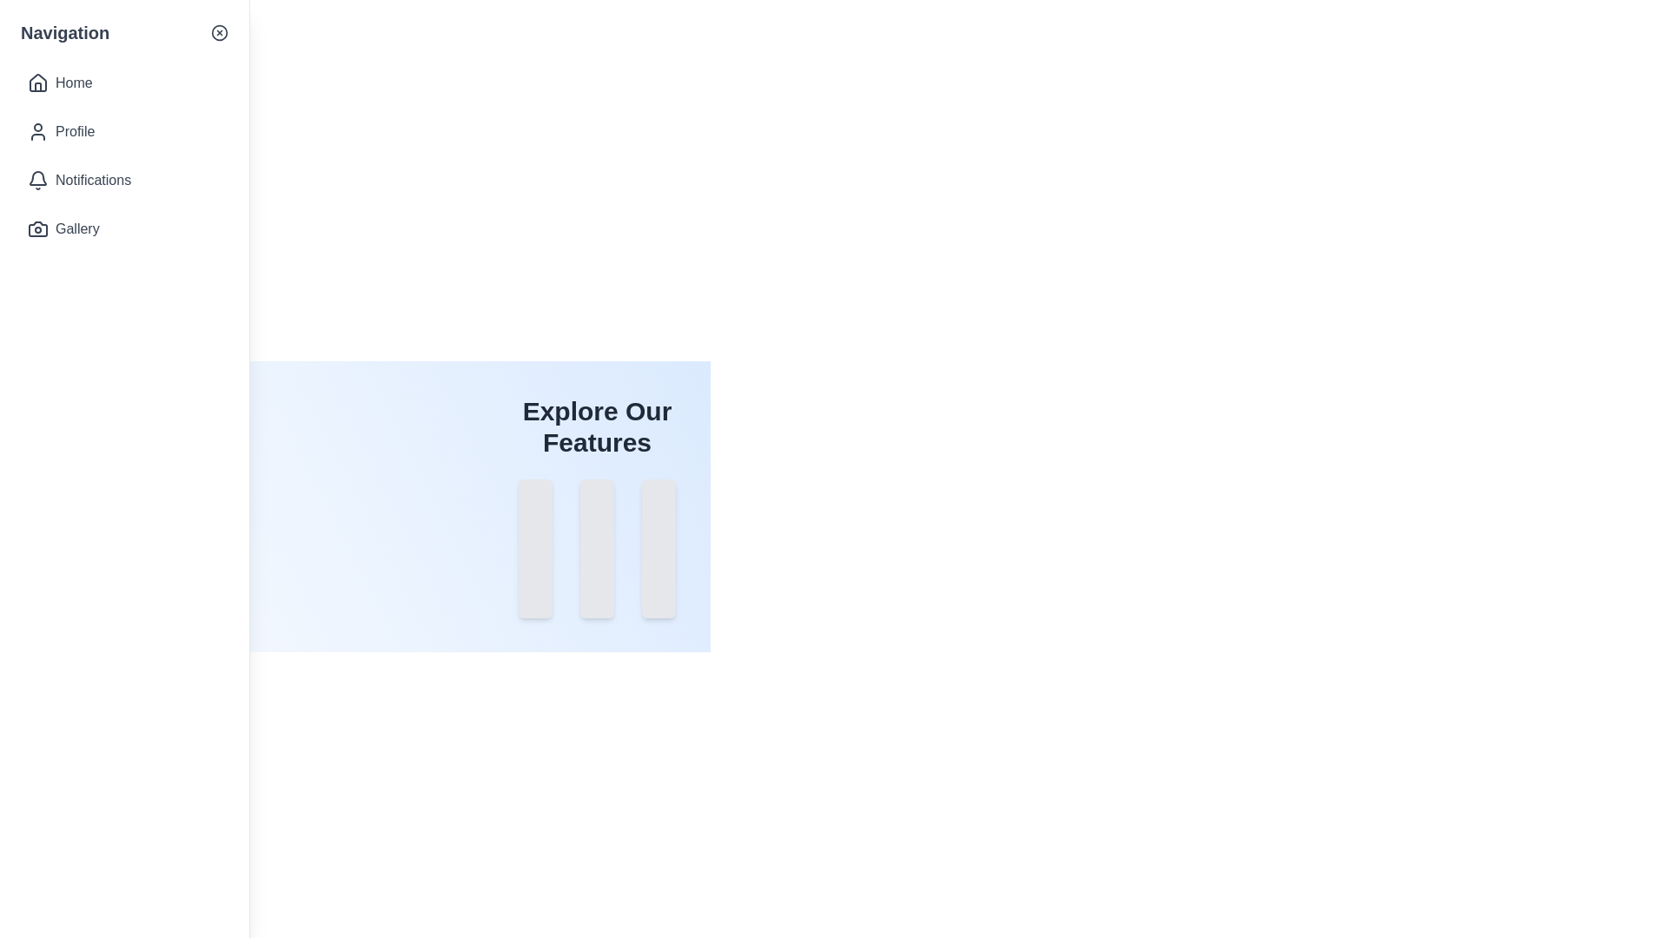 This screenshot has height=938, width=1668. I want to click on the 'Profile' textual label in the navigation menu, which is styled in gray and positioned between 'Home' and 'Notifications', so click(74, 130).